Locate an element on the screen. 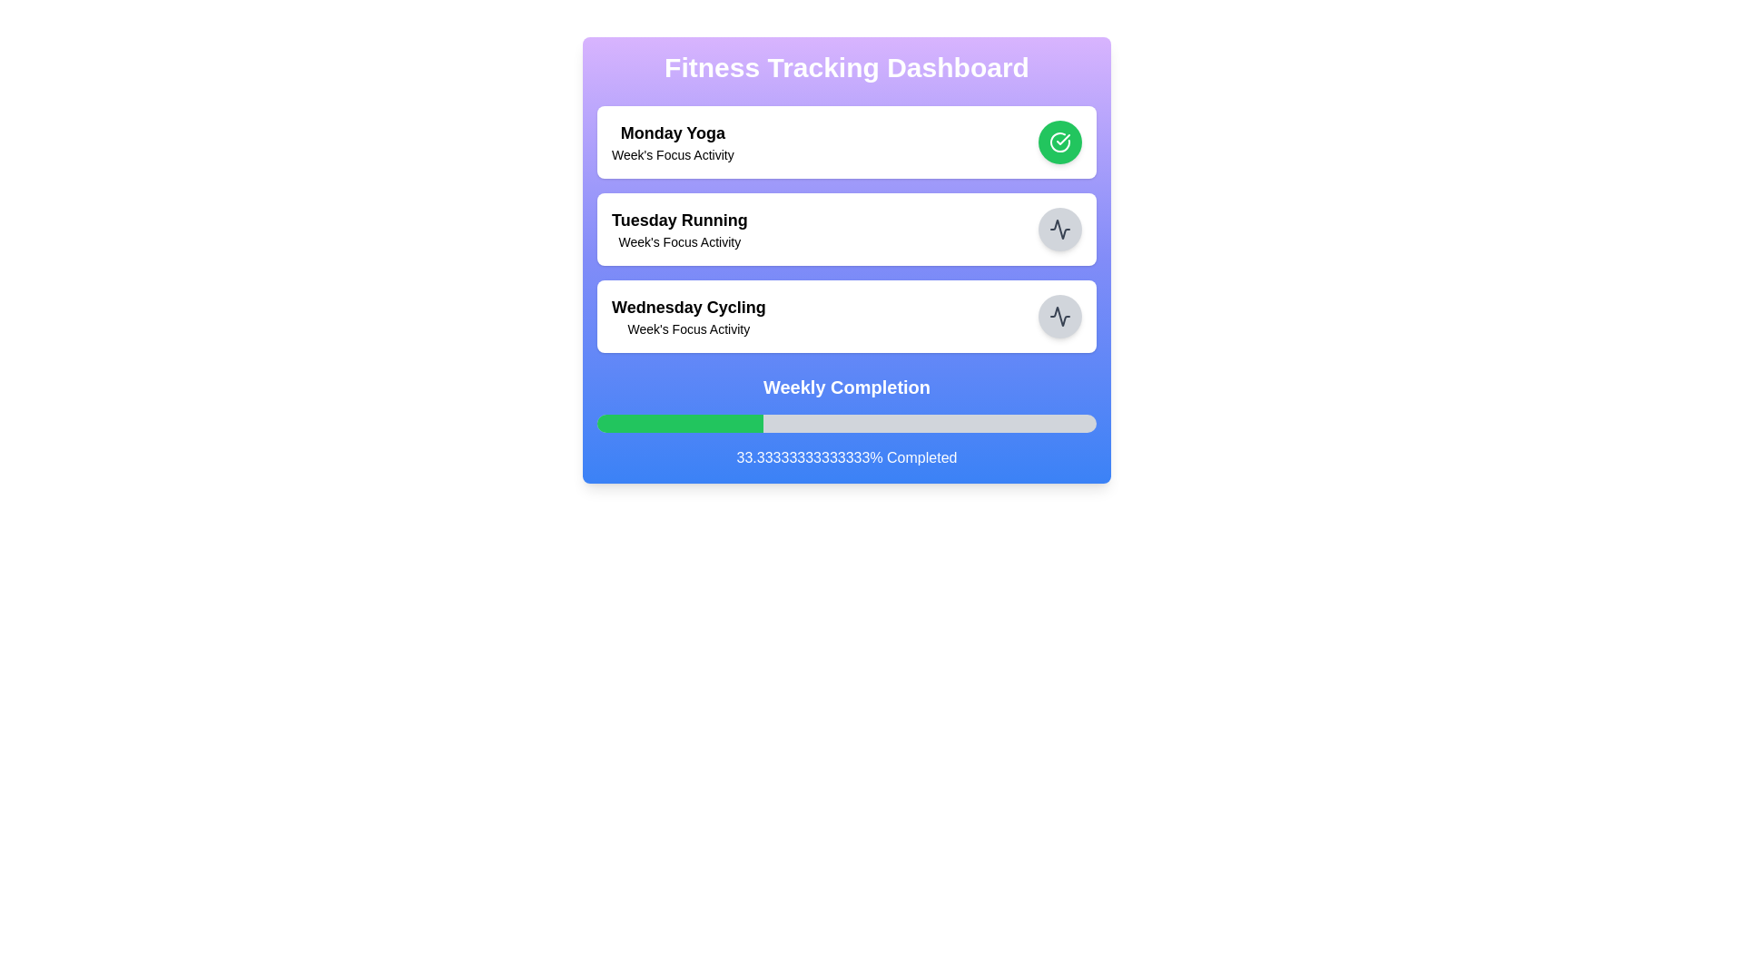 The height and width of the screenshot is (980, 1743). the completion status icon for the 'Monday Yoga' activity, which is a non-interactive green circular button indicating completion is located at coordinates (1059, 142).